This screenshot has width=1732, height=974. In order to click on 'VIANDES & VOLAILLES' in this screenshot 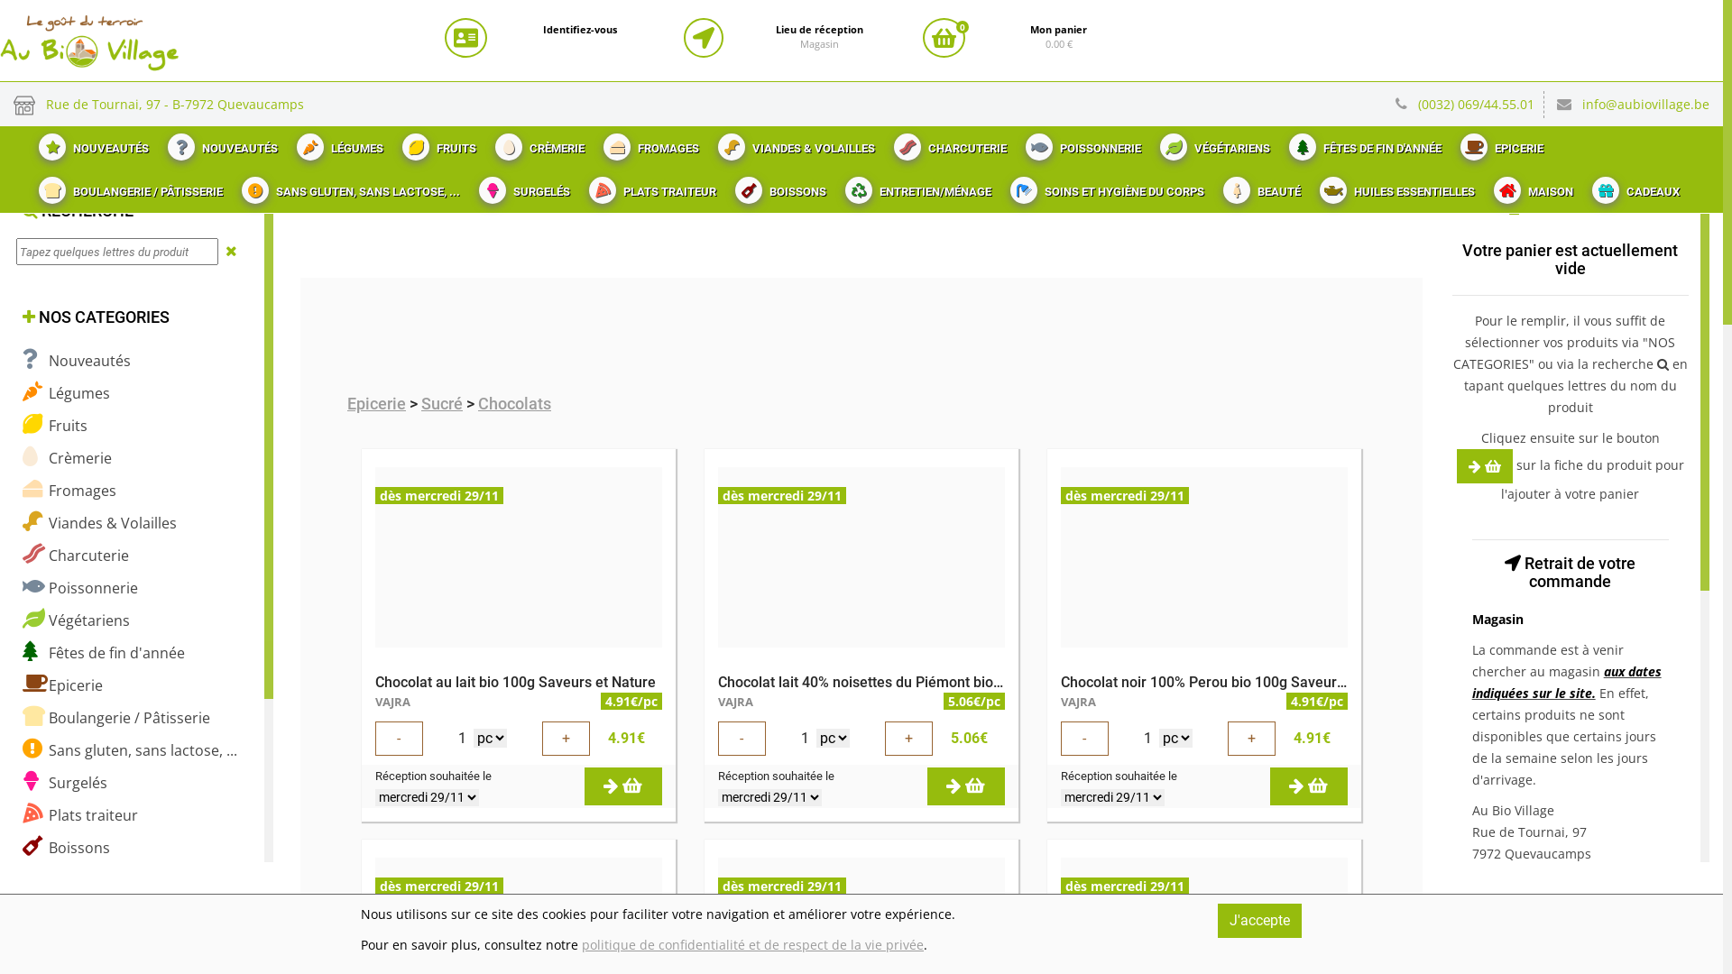, I will do `click(794, 142)`.